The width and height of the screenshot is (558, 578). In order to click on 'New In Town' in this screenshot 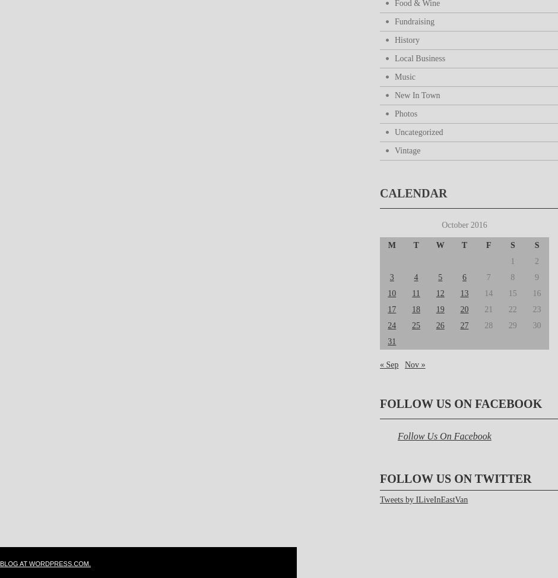, I will do `click(417, 95)`.